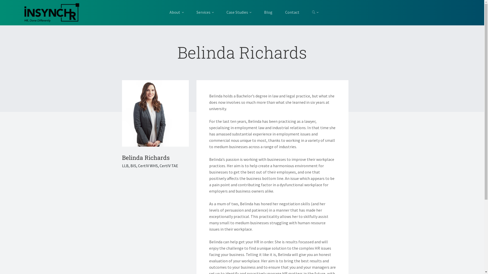 Image resolution: width=488 pixels, height=274 pixels. What do you see at coordinates (179, 12) in the screenshot?
I see `'About'` at bounding box center [179, 12].